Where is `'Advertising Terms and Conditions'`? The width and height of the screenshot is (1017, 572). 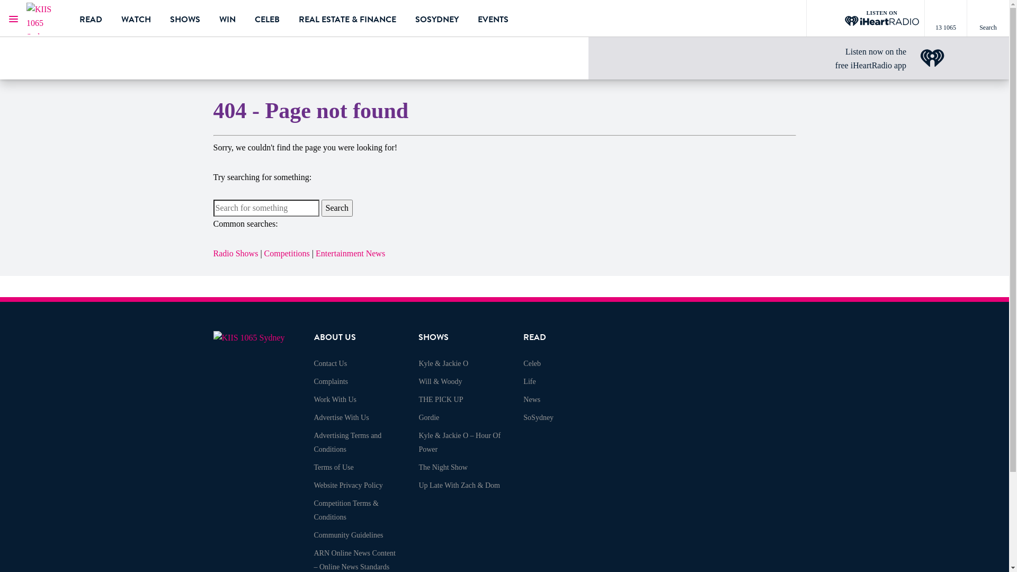 'Advertising Terms and Conditions' is located at coordinates (347, 442).